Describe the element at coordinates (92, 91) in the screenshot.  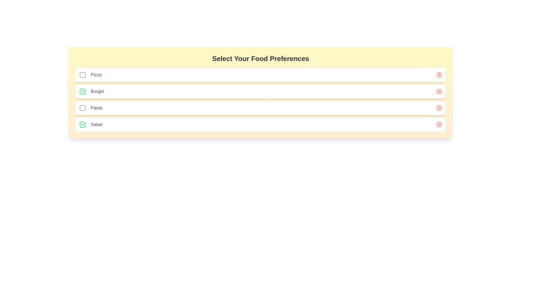
I see `the text label indicating the food preference 'Burger', which is the second item in the vertical list of food preferences, located next to the green checkmark icon` at that location.